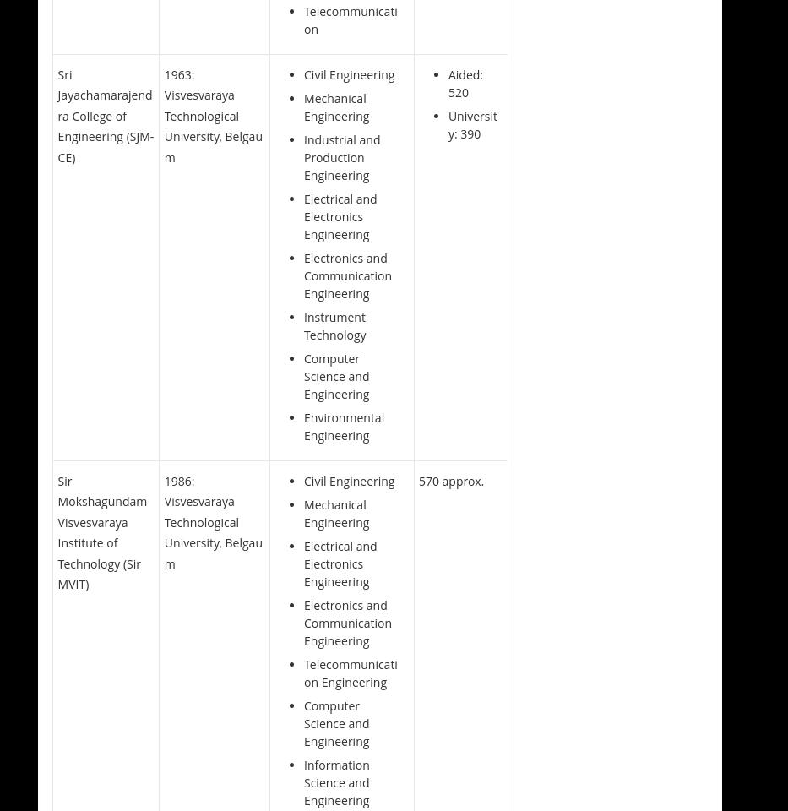 This screenshot has height=811, width=788. What do you see at coordinates (336, 781) in the screenshot?
I see `'Information Science and Engineering'` at bounding box center [336, 781].